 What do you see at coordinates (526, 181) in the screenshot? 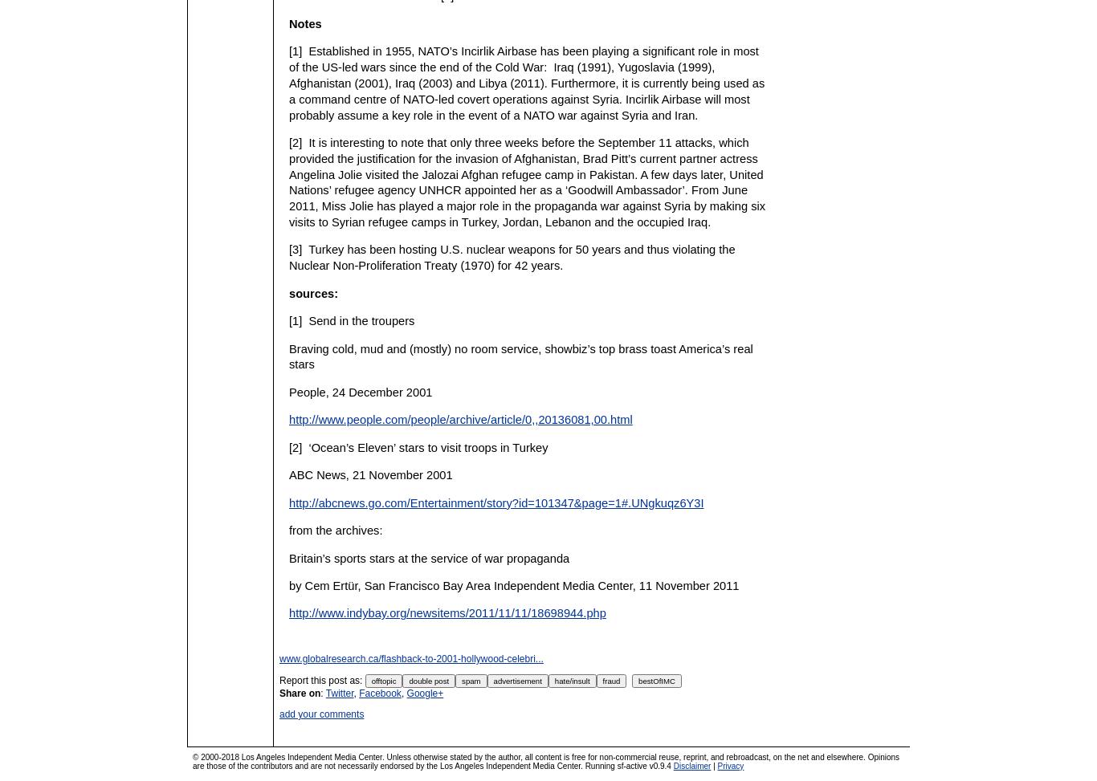
I see `'[2]  It is interesting
to note that only three weeks before the September 11 attacks, which
provided the justification for the invasion of Afghanistan, Brad
Pitt’s current partner actress Angelina Jolie visited the
Jalozai Afghan refugee camp in Pakistan. A few days later, United
Nations’ refugee agency UNHCR appointed her as a
‘Goodwill Ambassador’. From June 2011, Miss Jolie
has played a major role in the propaganda war against Syria by making
six visits to Syrian refugee camps in Turkey, Jordan, Lebanon and the
occupied Iraq.'` at bounding box center [526, 181].